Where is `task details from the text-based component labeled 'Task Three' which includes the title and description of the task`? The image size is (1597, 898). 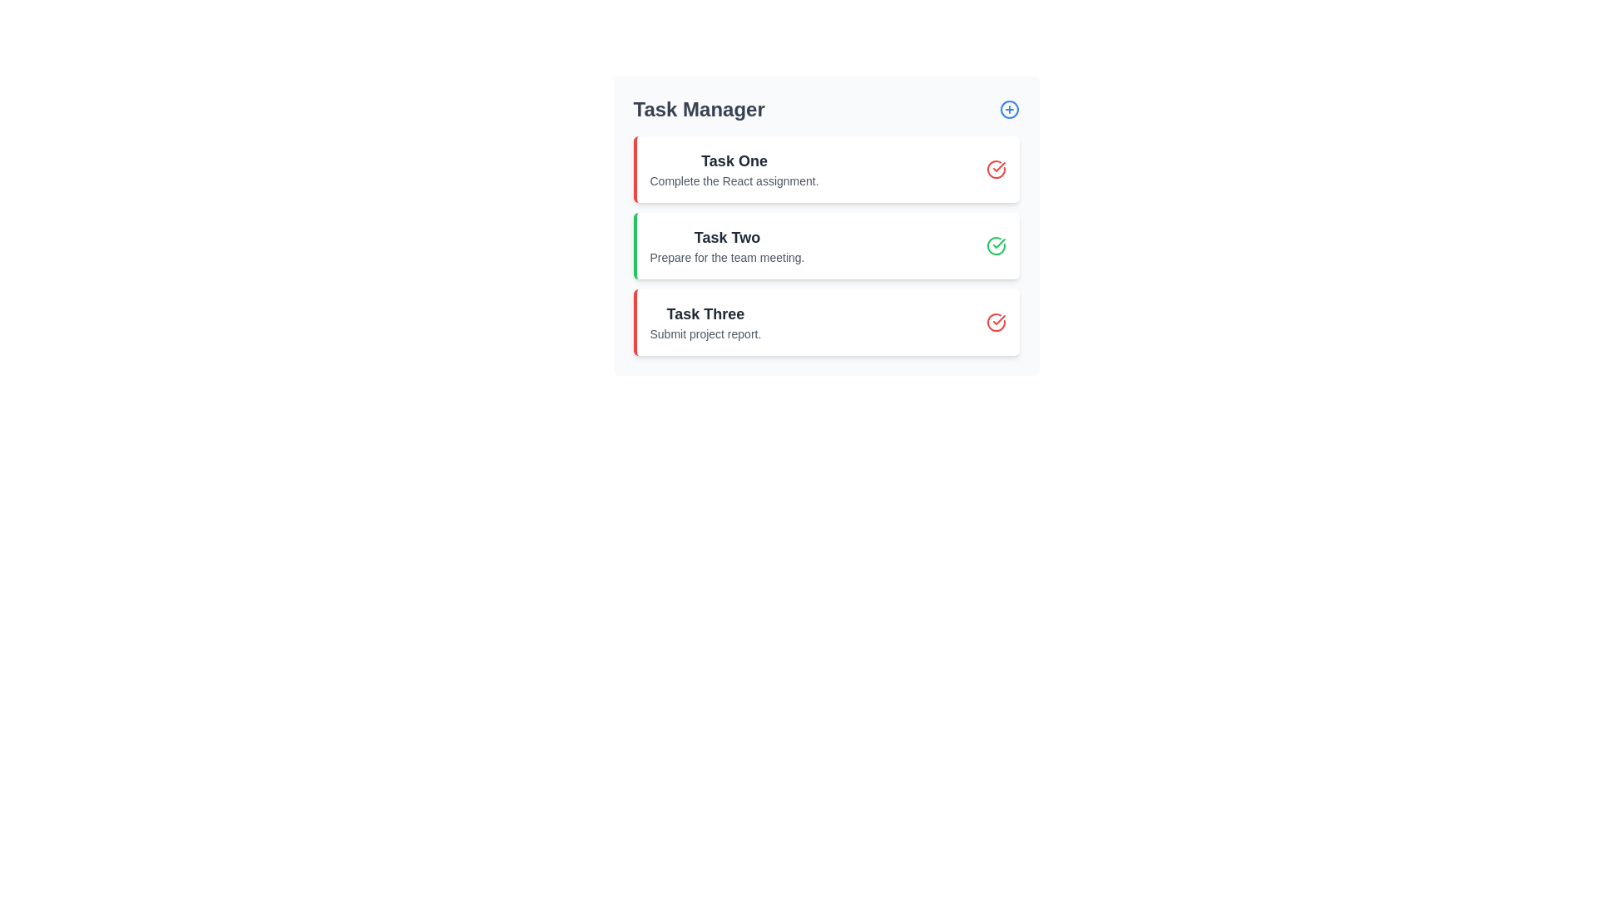
task details from the text-based component labeled 'Task Three' which includes the title and description of the task is located at coordinates (705, 323).